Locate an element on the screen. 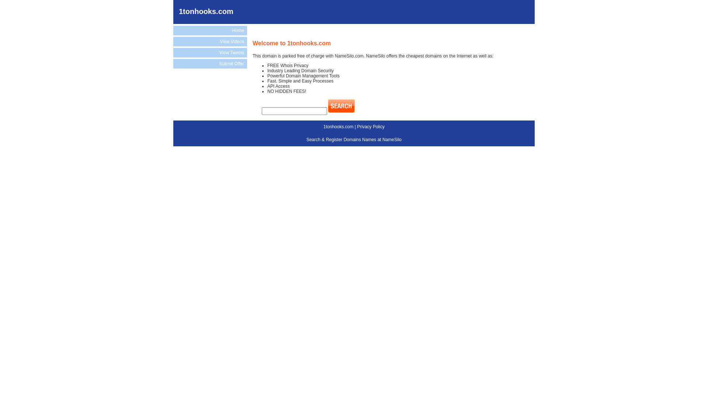 The image size is (708, 398). 'Privacy Policy' is located at coordinates (371, 126).